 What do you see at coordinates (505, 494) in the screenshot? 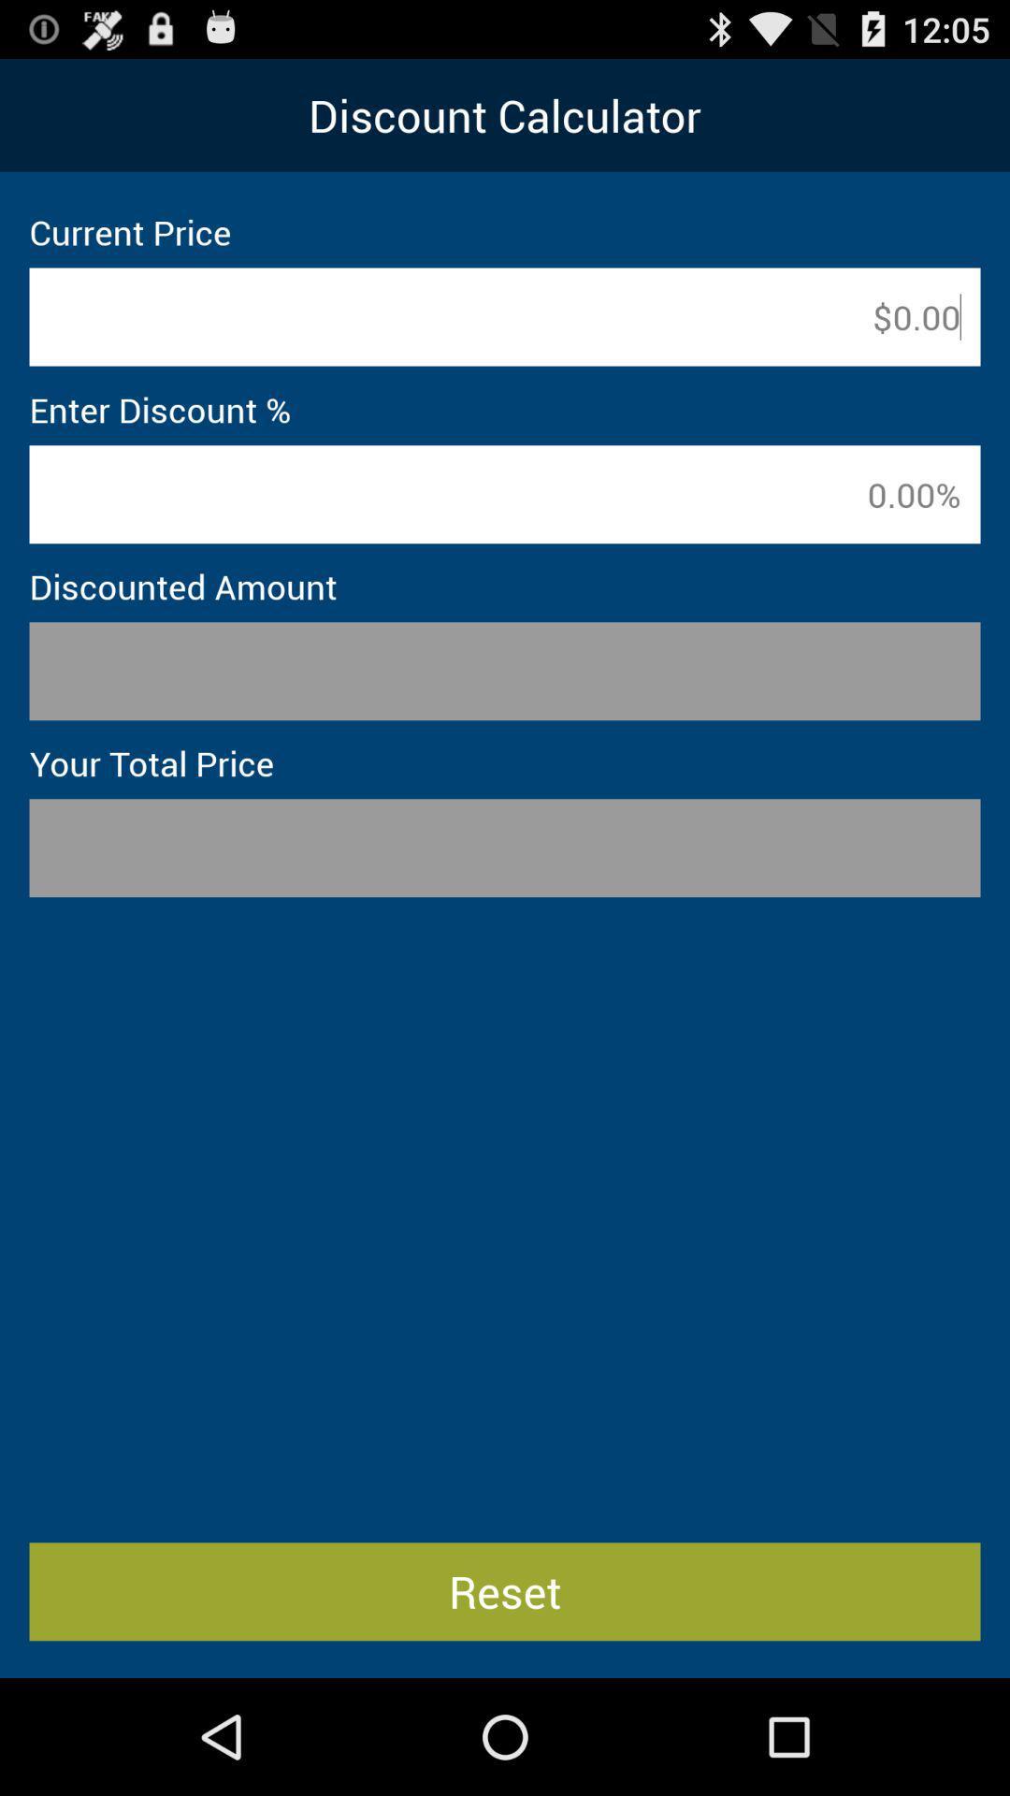
I see `input discount amount` at bounding box center [505, 494].